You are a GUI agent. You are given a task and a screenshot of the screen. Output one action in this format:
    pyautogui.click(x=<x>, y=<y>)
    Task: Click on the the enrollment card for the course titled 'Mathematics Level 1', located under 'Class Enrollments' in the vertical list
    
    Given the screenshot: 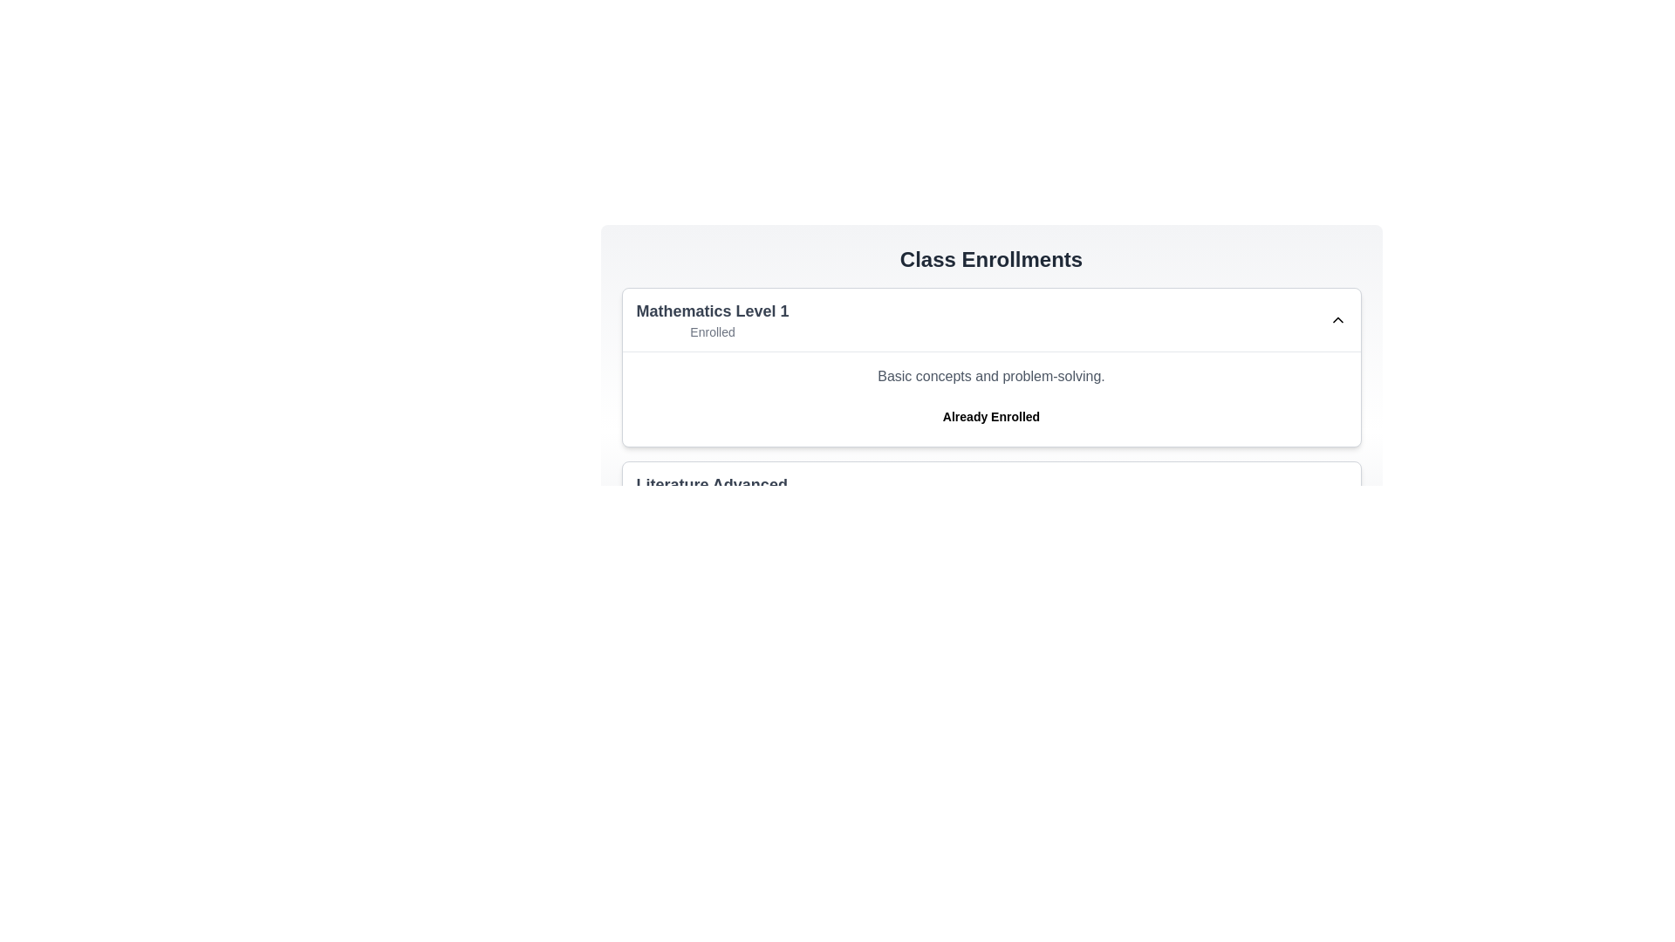 What is the action you would take?
    pyautogui.click(x=991, y=366)
    